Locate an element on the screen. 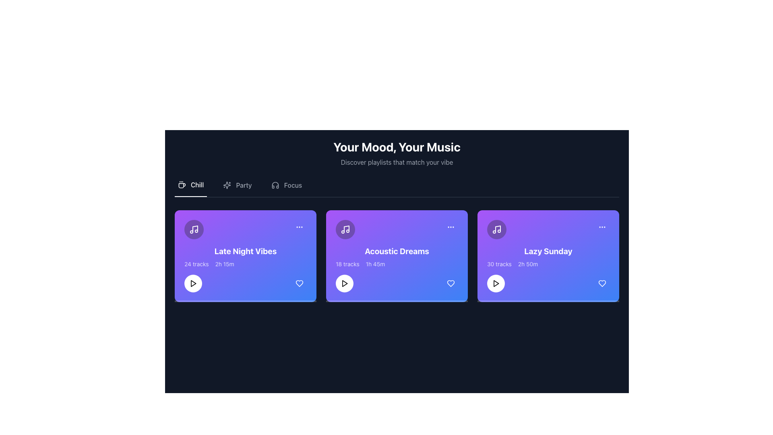 The image size is (773, 435). the Decorative bar located at the bottom edge of the 'Lazy Sunday' card, which spans its full width is located at coordinates (548, 301).